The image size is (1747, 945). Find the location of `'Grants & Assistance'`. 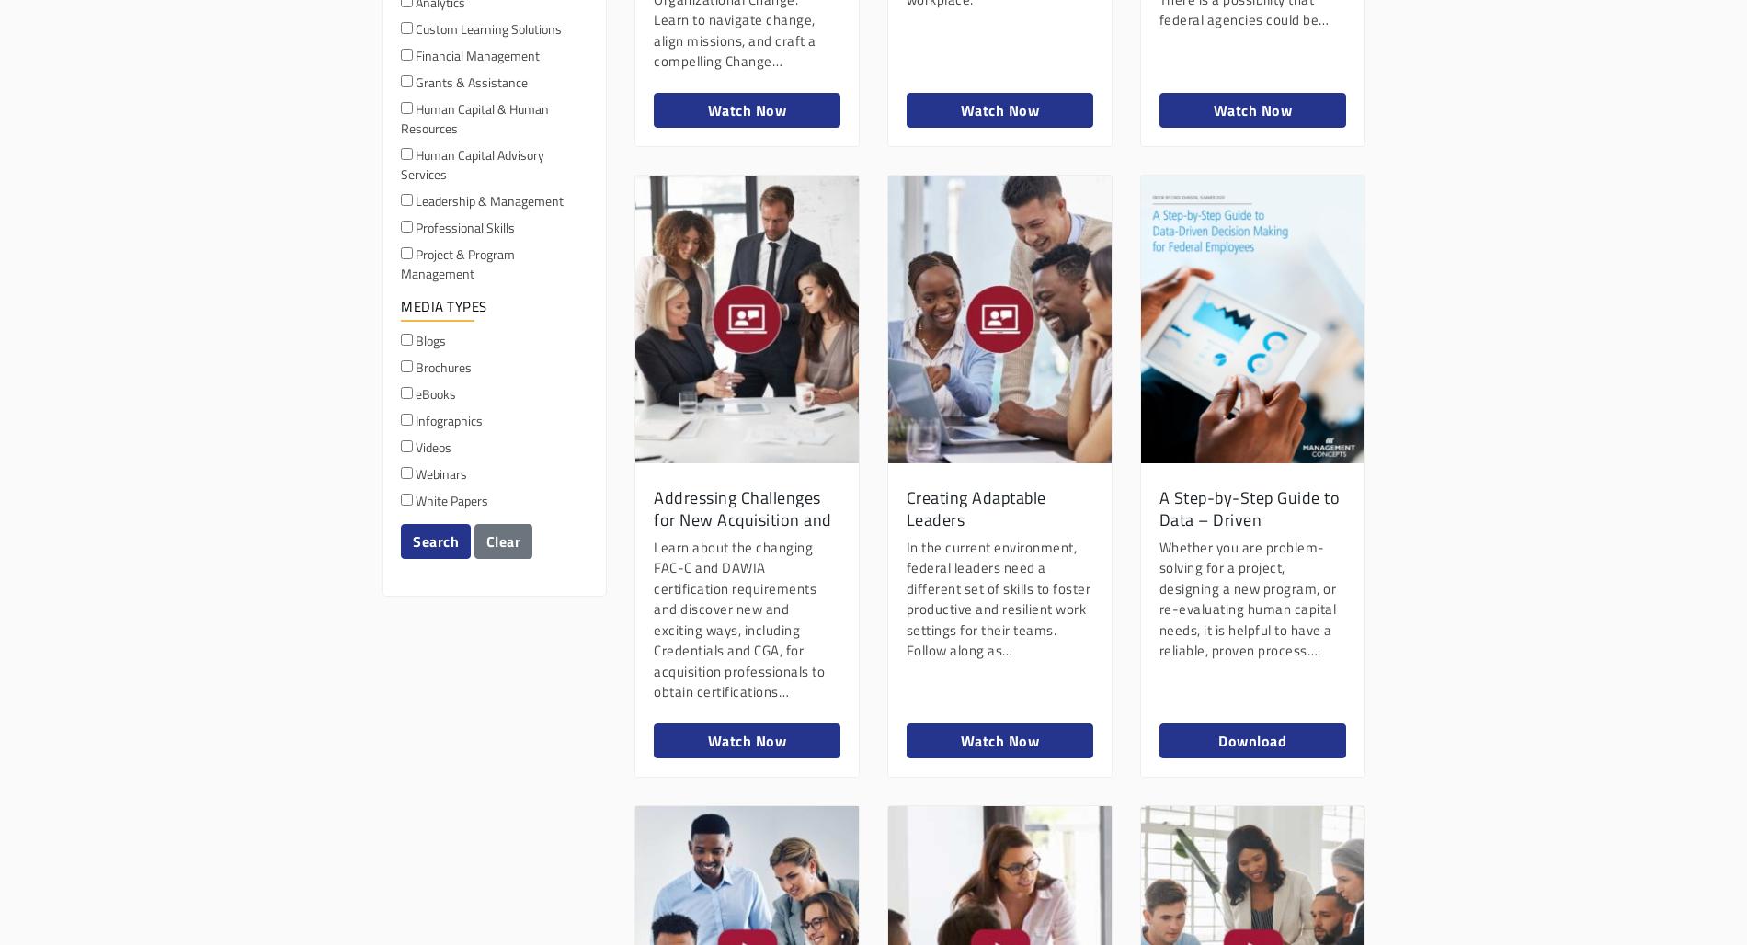

'Grants & Assistance' is located at coordinates (470, 80).